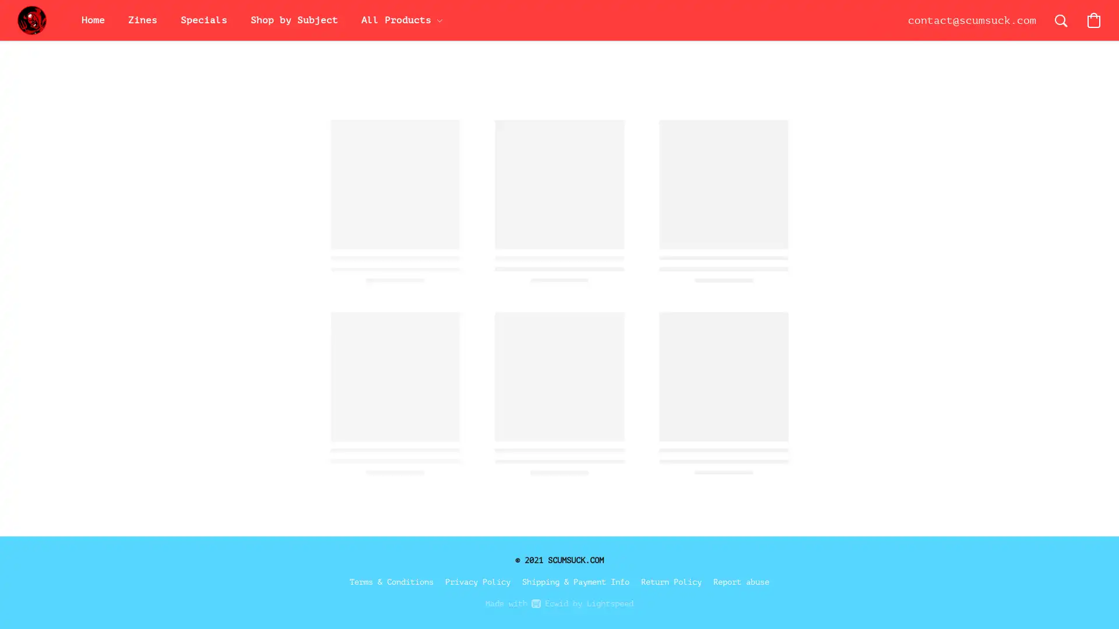  What do you see at coordinates (954, 386) in the screenshot?
I see `Accept All Cookies` at bounding box center [954, 386].